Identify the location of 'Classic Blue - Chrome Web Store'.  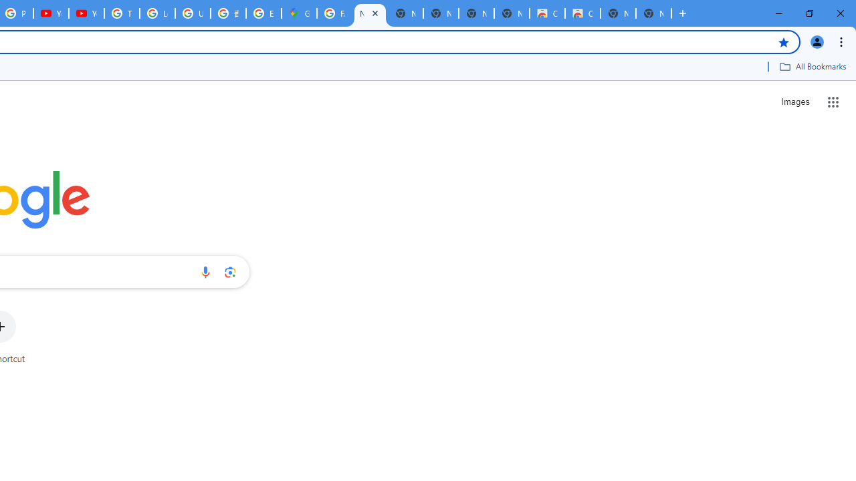
(582, 13).